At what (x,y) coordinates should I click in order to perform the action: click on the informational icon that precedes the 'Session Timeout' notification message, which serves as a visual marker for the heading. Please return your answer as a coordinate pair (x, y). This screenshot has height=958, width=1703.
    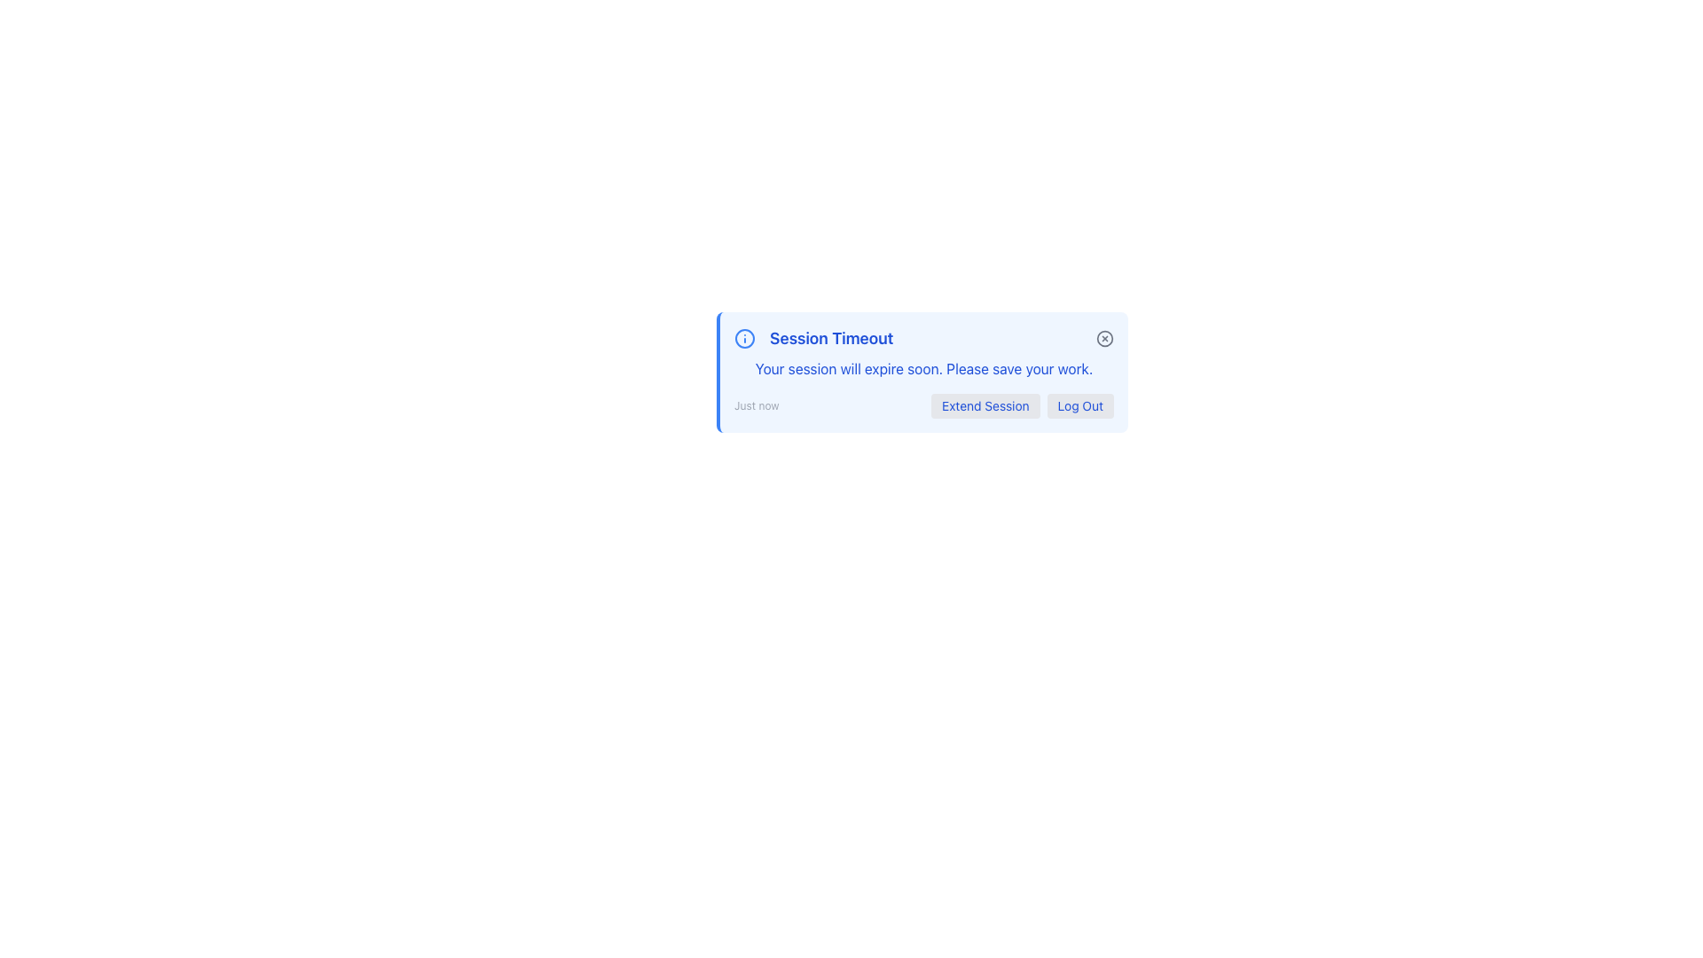
    Looking at the image, I should click on (745, 338).